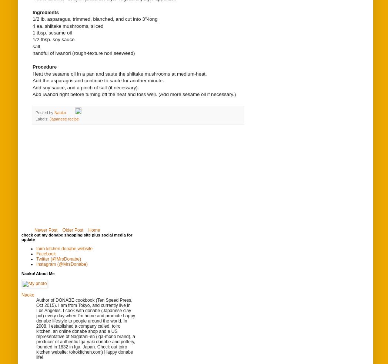  What do you see at coordinates (45, 11) in the screenshot?
I see `'Ingredients'` at bounding box center [45, 11].